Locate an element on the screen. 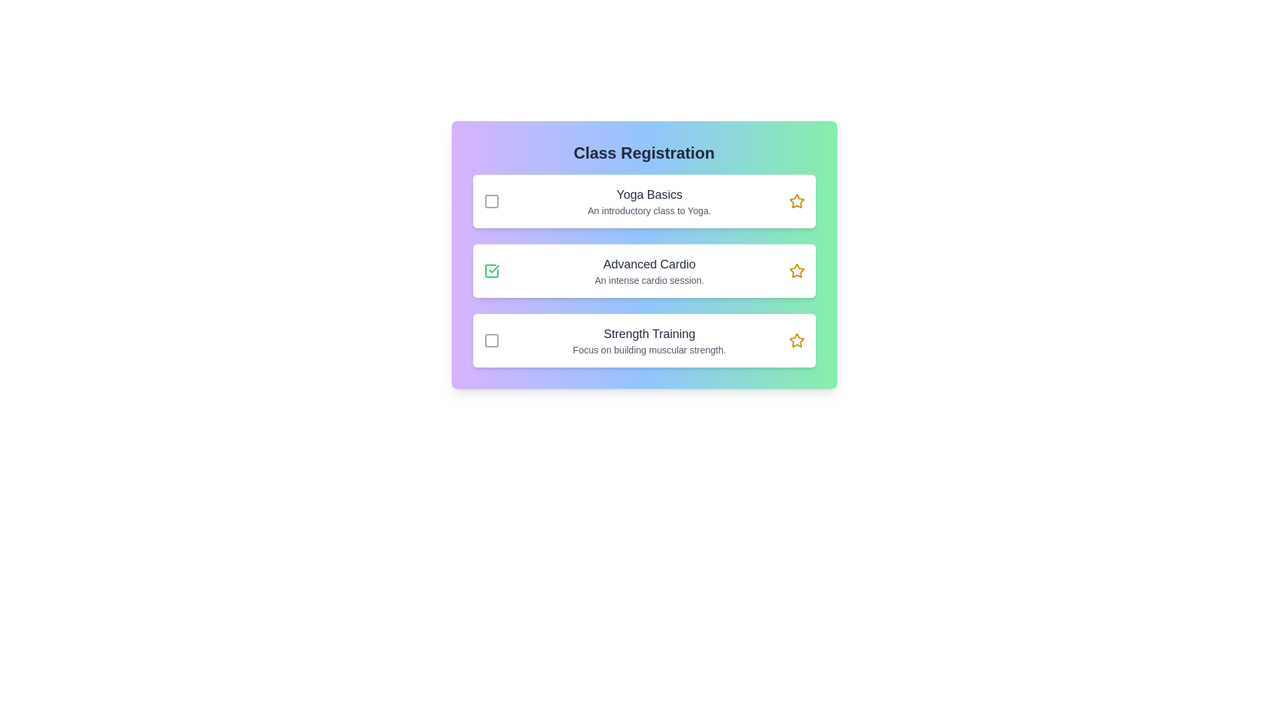 This screenshot has height=723, width=1285. the star icon to bookmark the class Advanced Cardio is located at coordinates (796, 271).